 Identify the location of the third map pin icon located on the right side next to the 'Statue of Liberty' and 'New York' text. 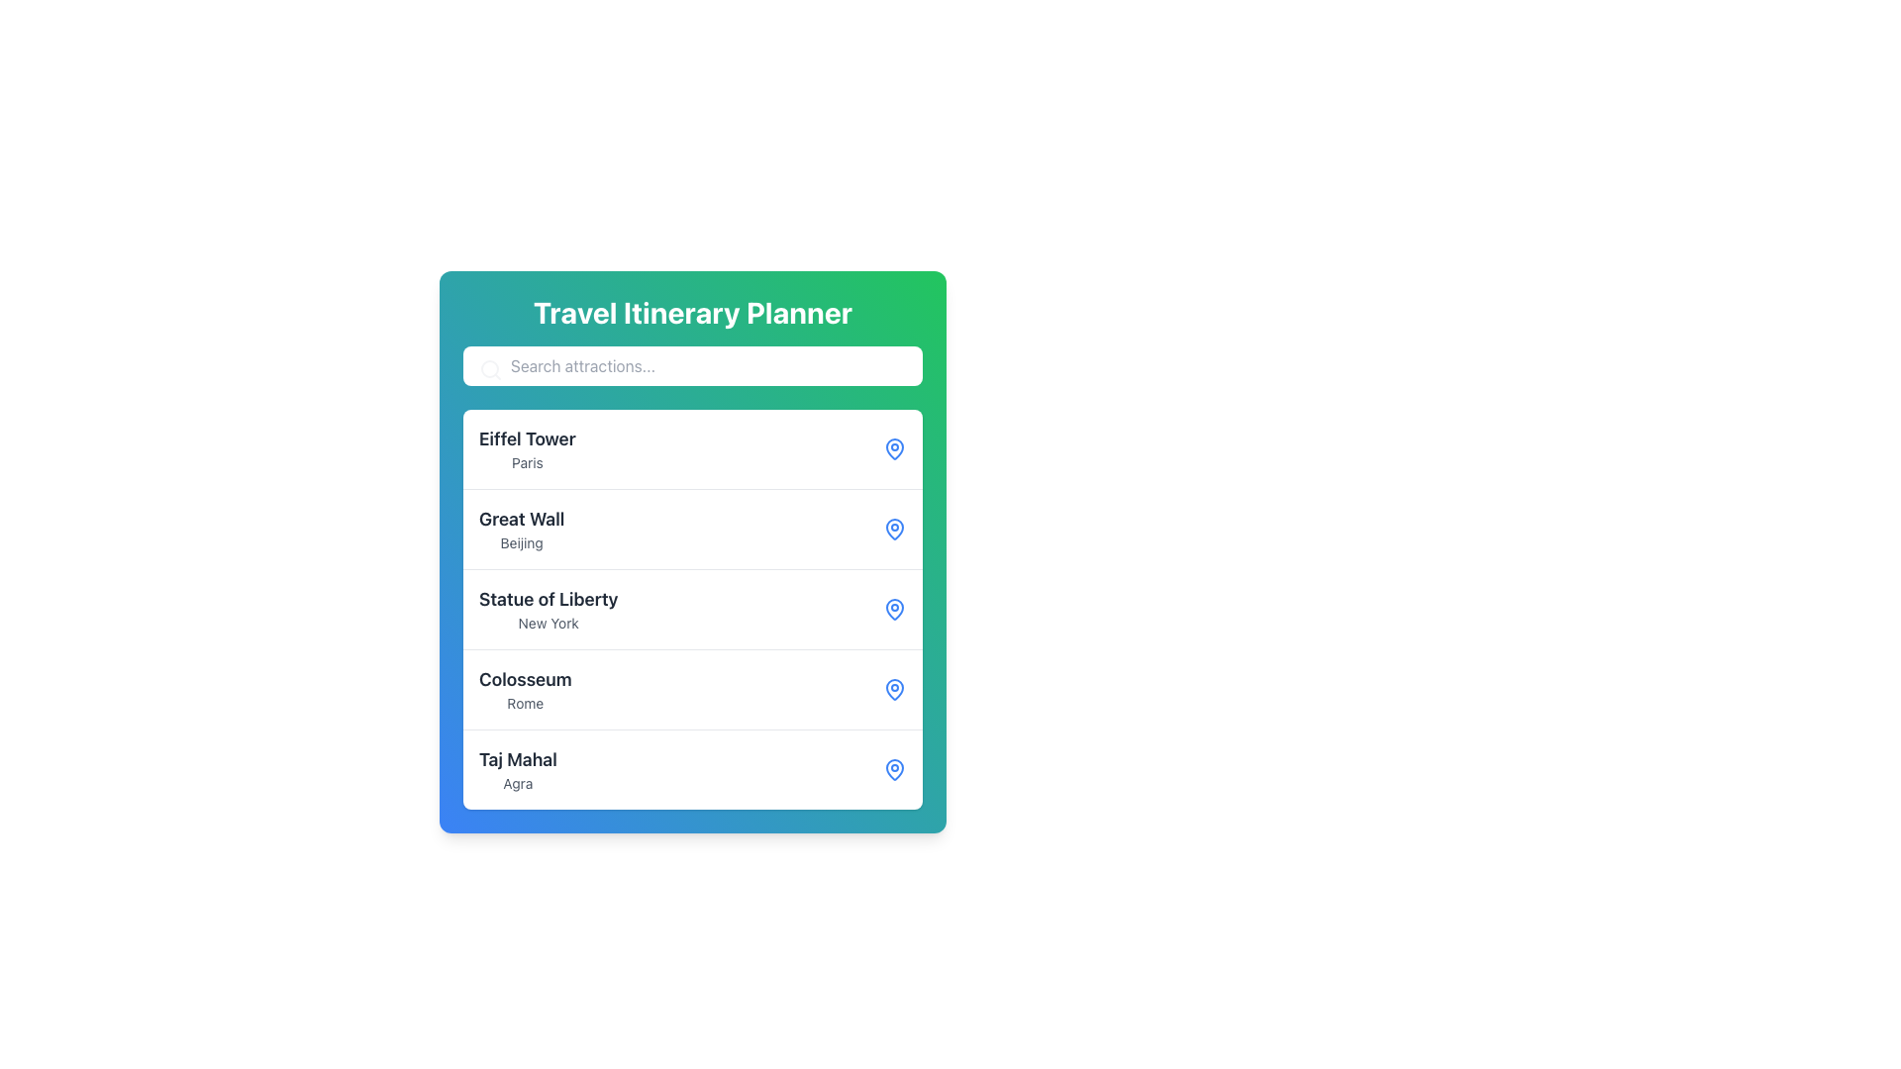
(893, 609).